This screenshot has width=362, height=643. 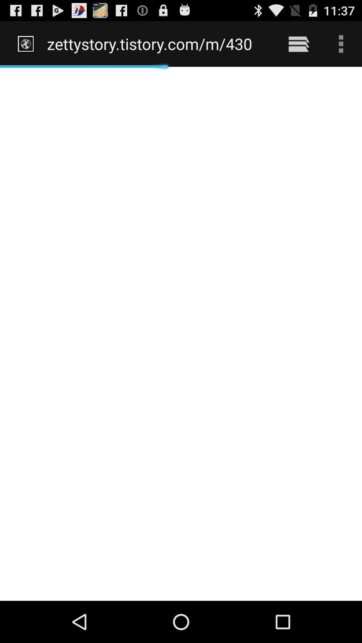 I want to click on the item next to the zettystory tistory com icon, so click(x=298, y=44).